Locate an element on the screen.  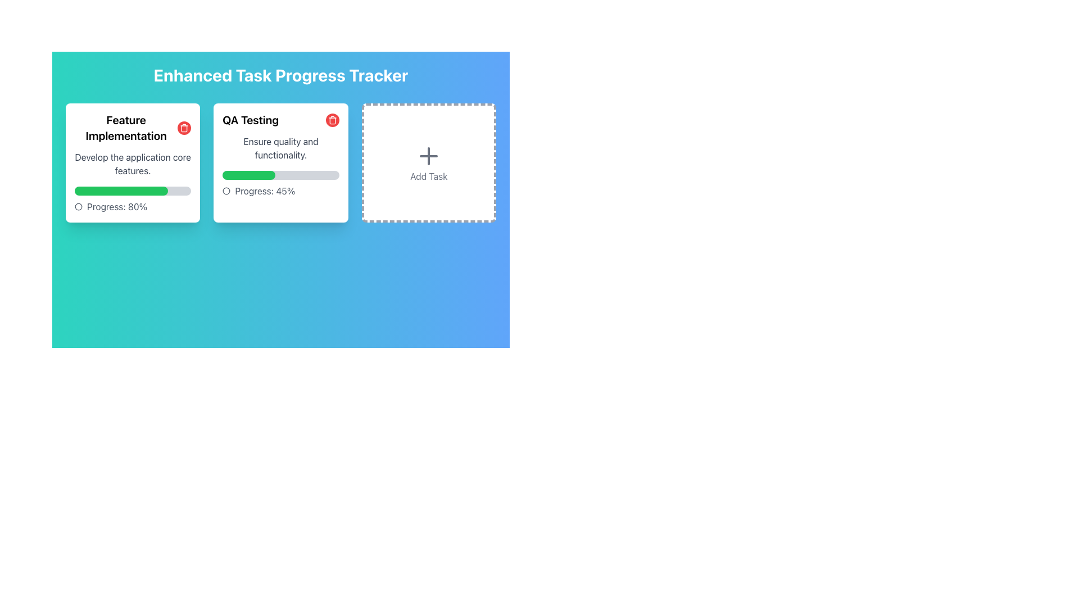
the SVG Circle element located in the first card labeled 'Feature Implementation', positioned near the bottom-left corner below the progress bar is located at coordinates (78, 206).